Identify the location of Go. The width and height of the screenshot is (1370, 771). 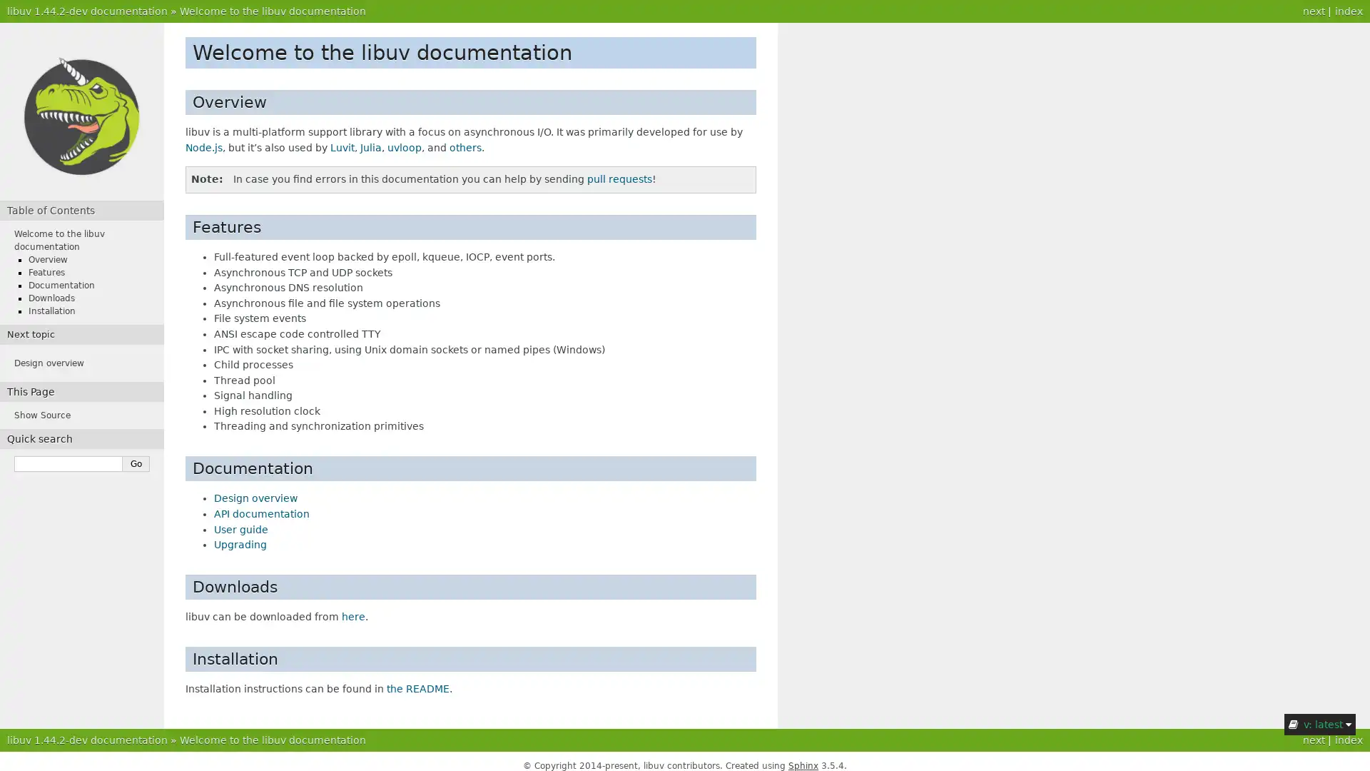
(136, 464).